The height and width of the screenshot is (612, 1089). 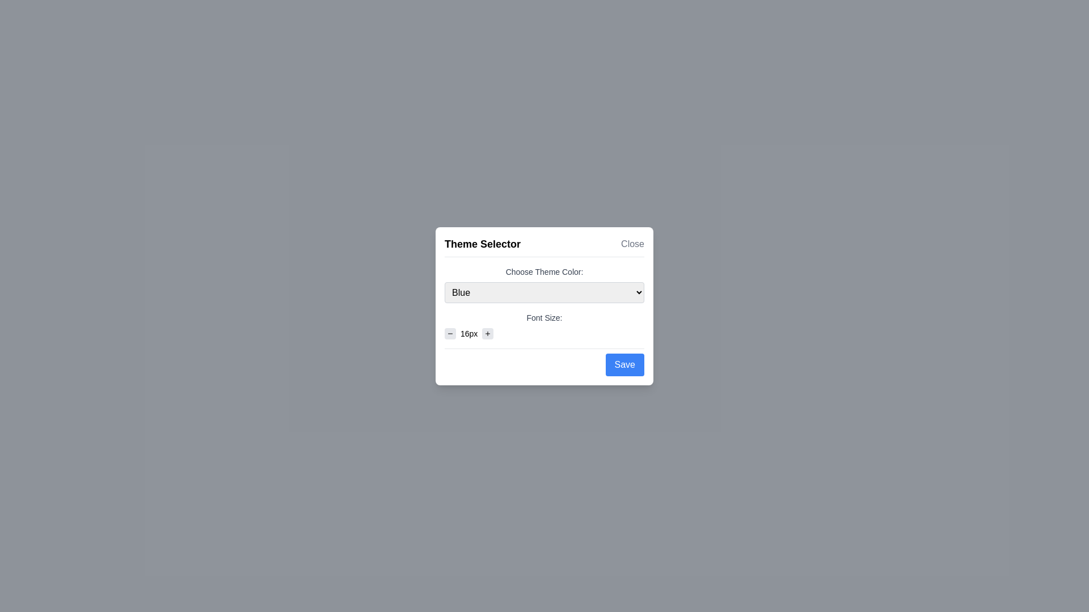 What do you see at coordinates (449, 333) in the screenshot?
I see `the rounded square icon button with a minus sign, located in the 'Font Size:' section of the 'Theme Selector' dialog box` at bounding box center [449, 333].